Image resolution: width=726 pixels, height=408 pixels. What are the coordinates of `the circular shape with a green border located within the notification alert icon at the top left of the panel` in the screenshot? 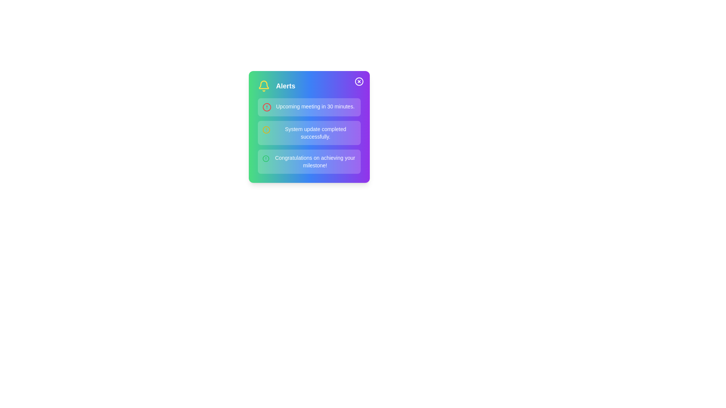 It's located at (266, 158).